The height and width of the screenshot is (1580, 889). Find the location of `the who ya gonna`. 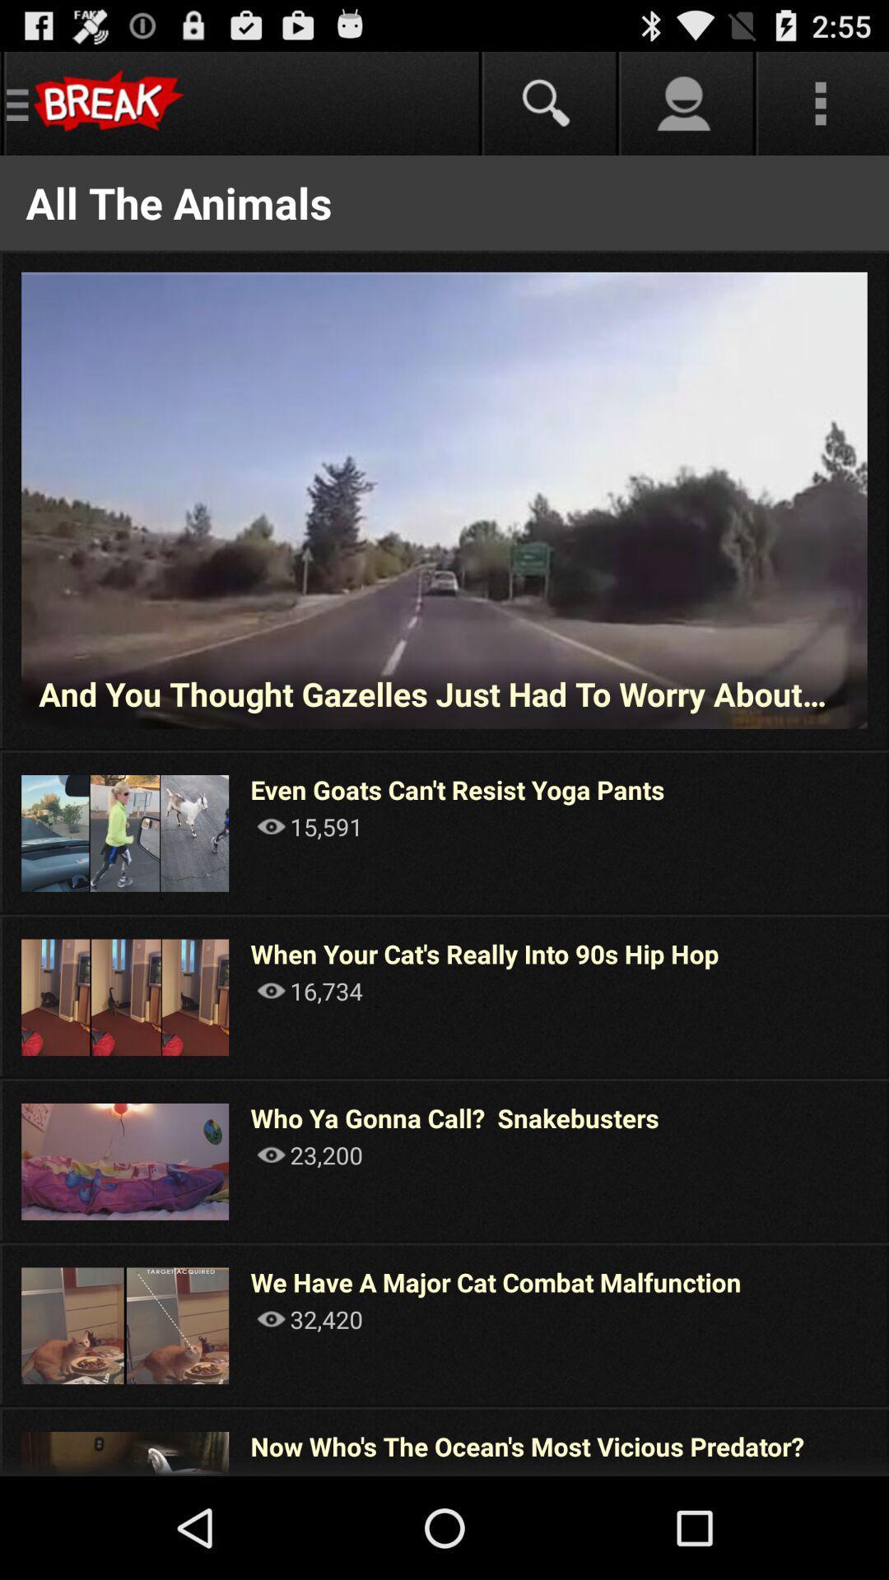

the who ya gonna is located at coordinates (454, 1118).